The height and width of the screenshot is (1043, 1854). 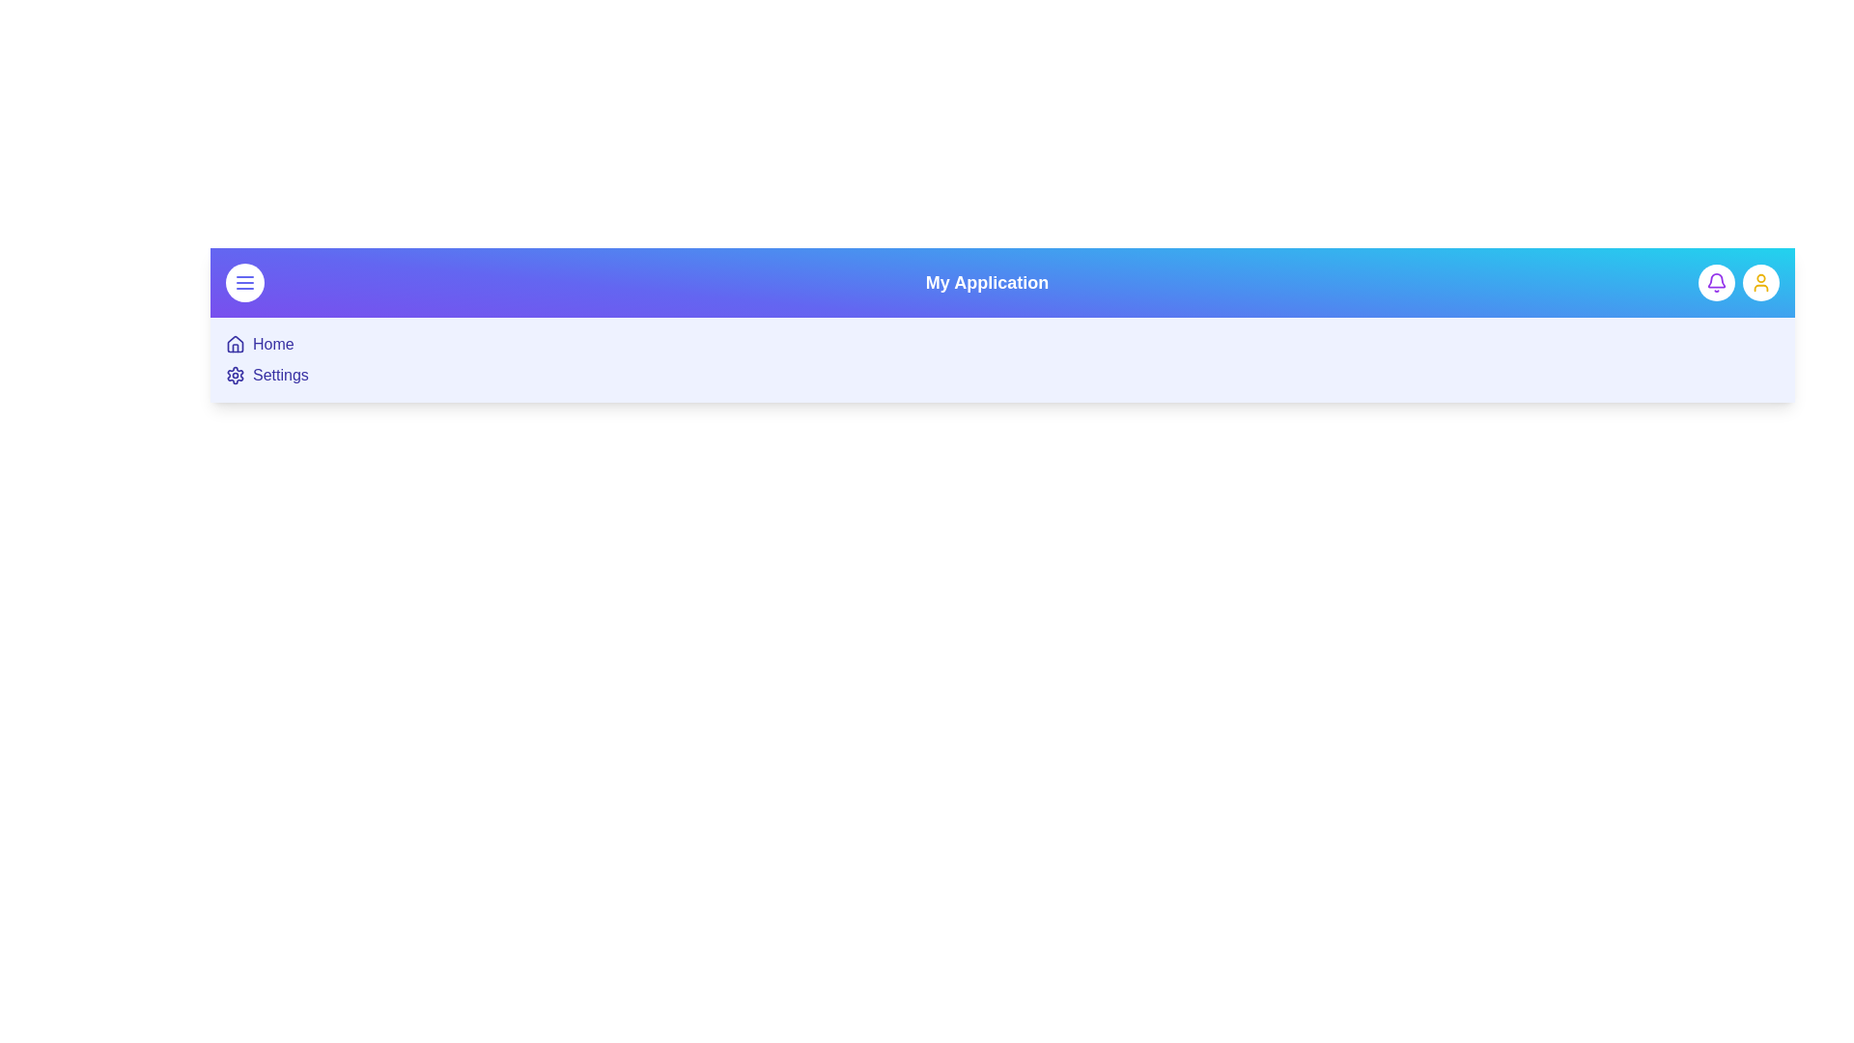 What do you see at coordinates (272, 344) in the screenshot?
I see `the 'Home' menu item` at bounding box center [272, 344].